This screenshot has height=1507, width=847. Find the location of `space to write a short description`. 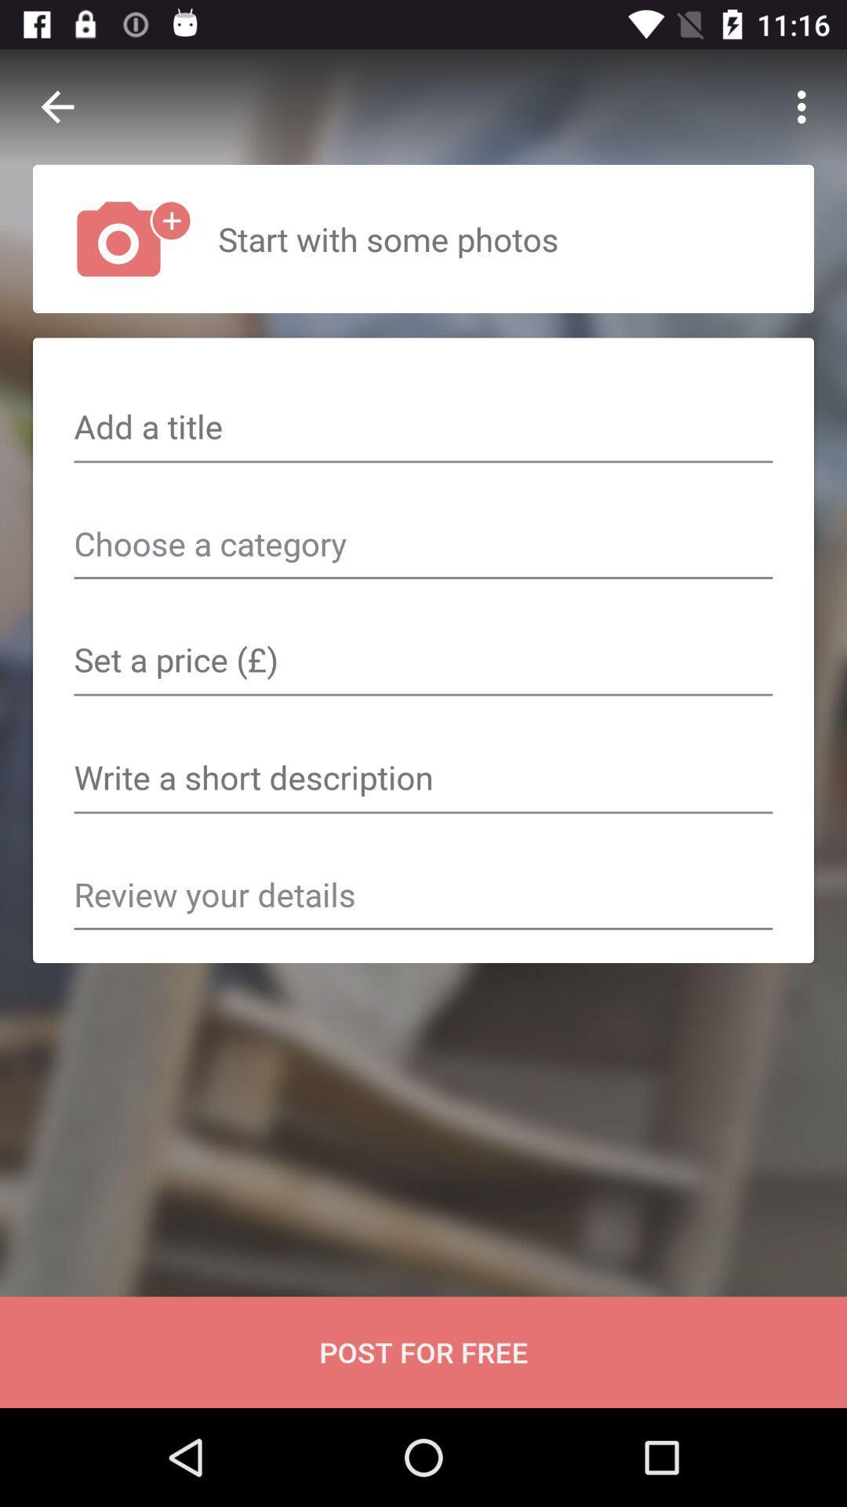

space to write a short description is located at coordinates (423, 779).